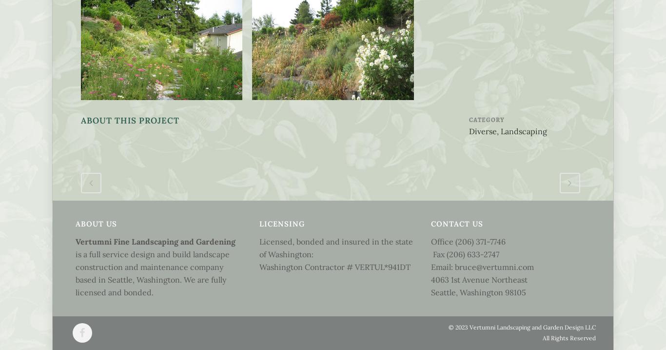 The image size is (666, 350). Describe the element at coordinates (129, 120) in the screenshot. I see `'About This Project'` at that location.